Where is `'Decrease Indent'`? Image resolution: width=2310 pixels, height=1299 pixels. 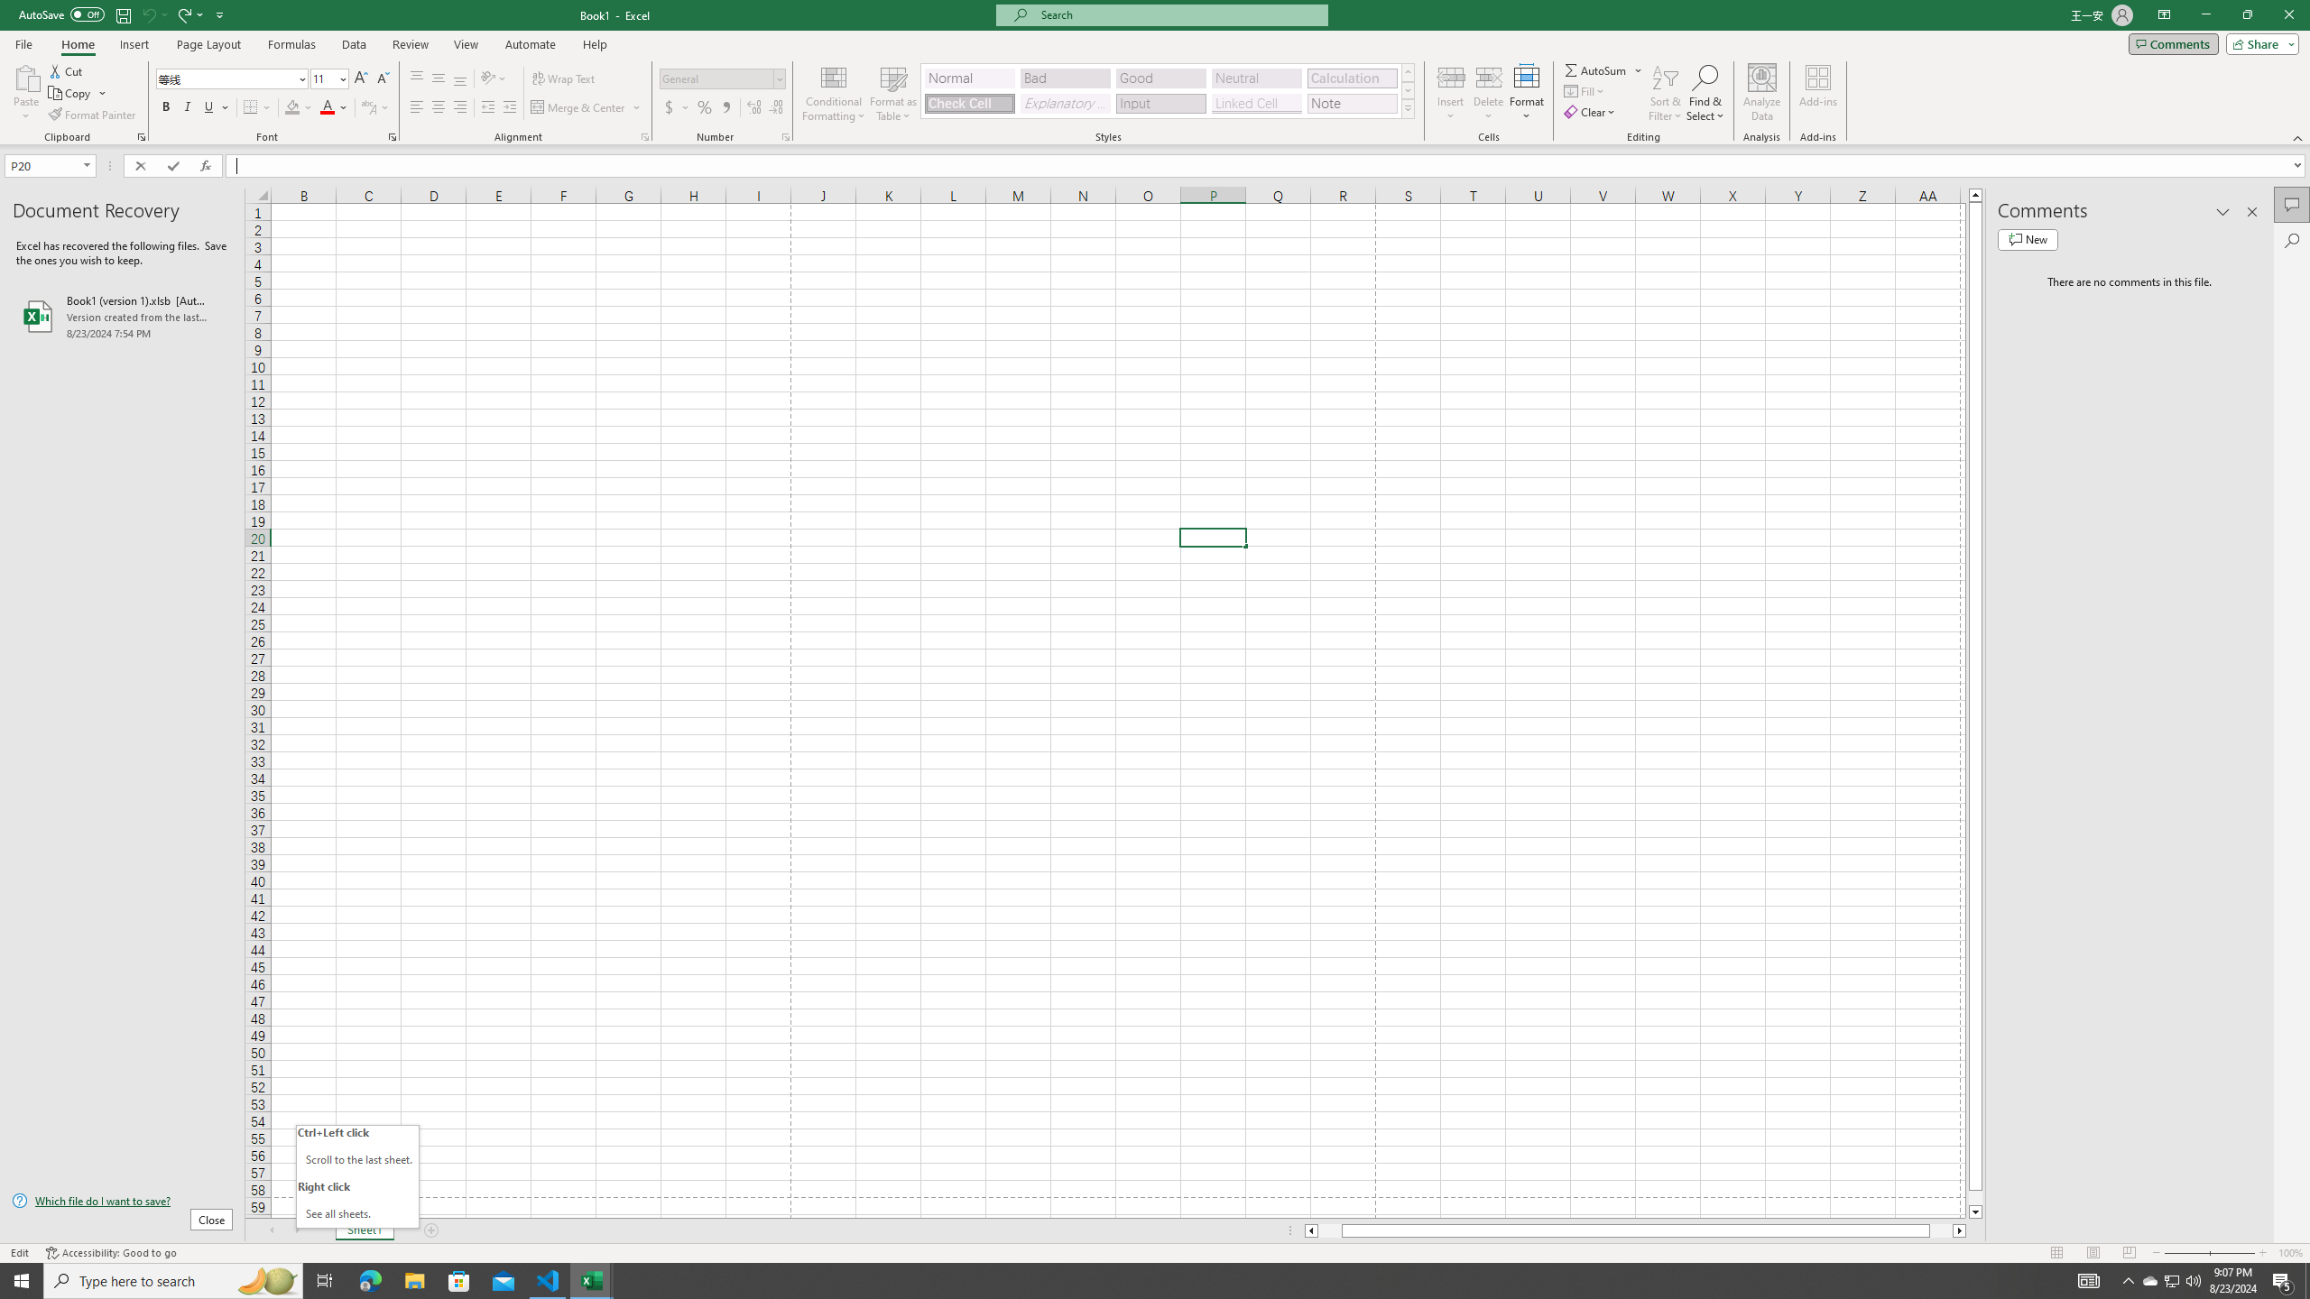 'Decrease Indent' is located at coordinates (488, 106).